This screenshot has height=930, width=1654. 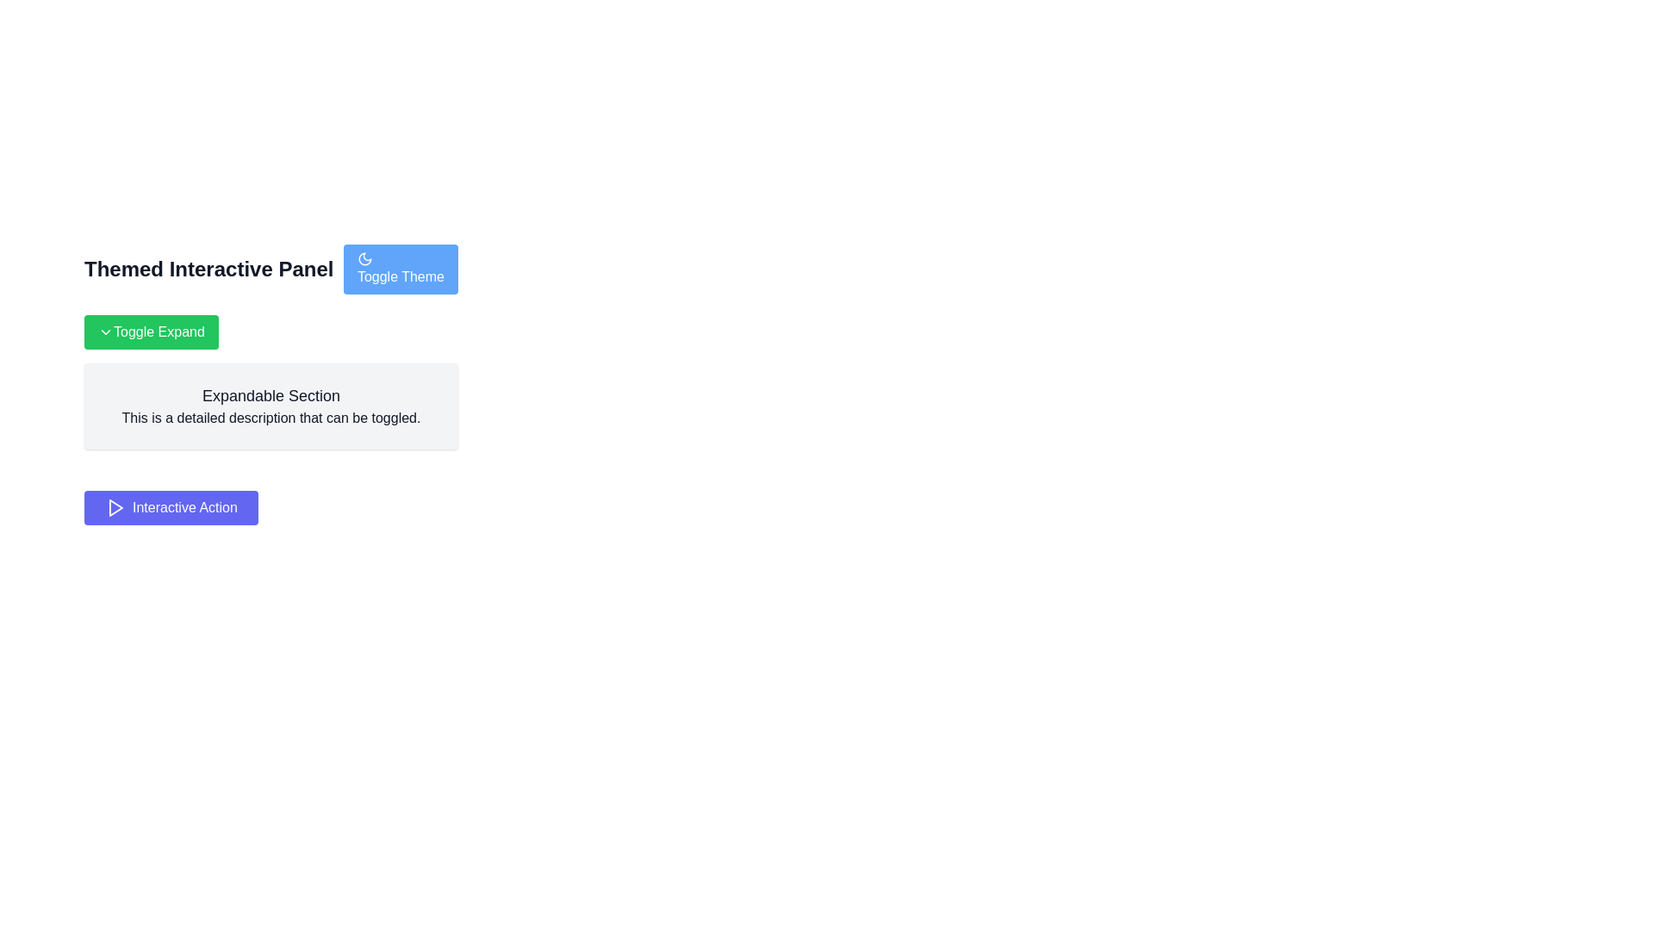 I want to click on the triangular play icon with a thin outline, which is centrally positioned within the blue button labeled 'Interactive Action', so click(x=115, y=507).